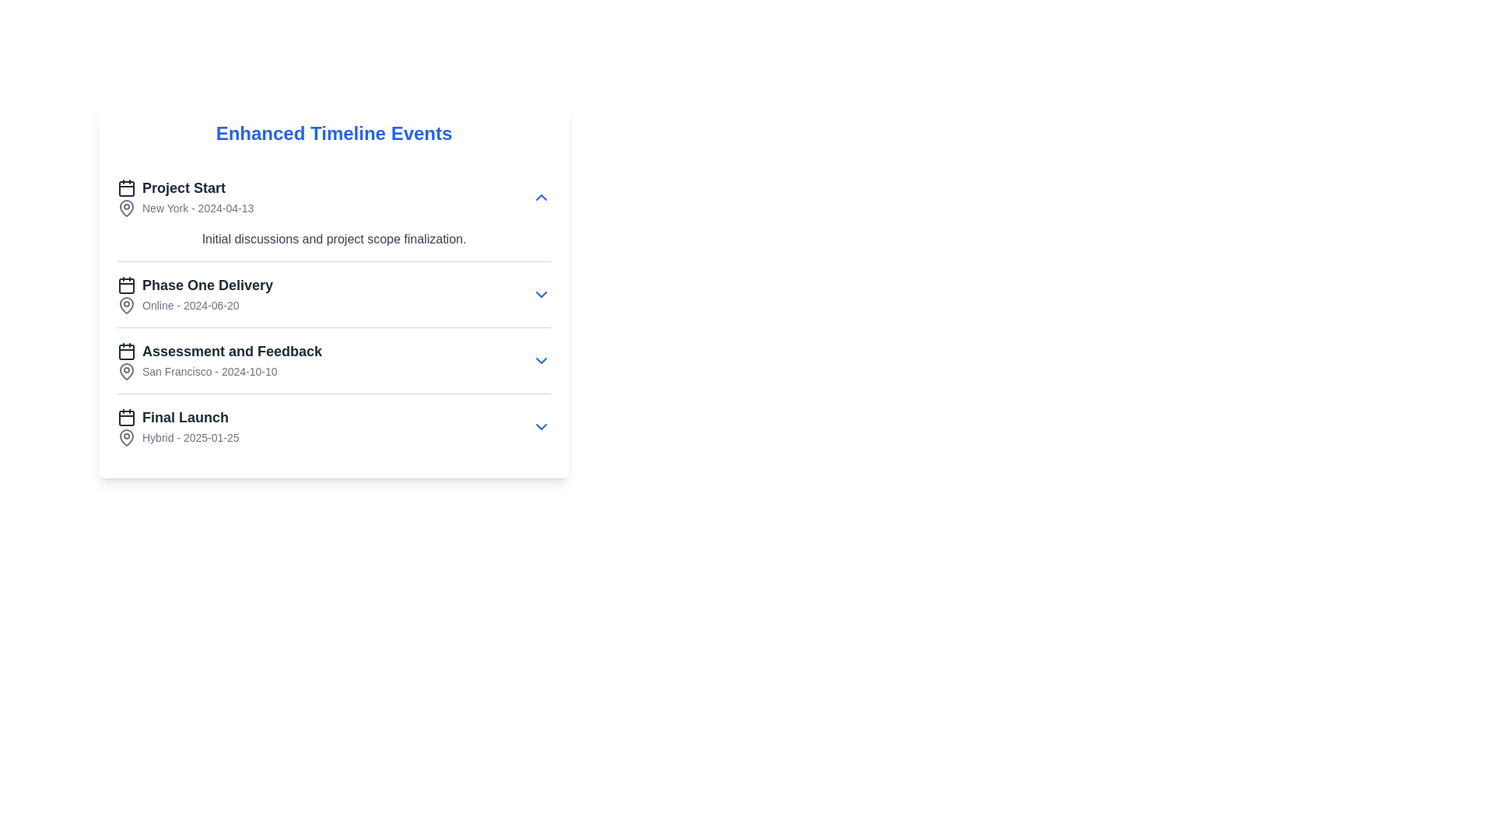 Image resolution: width=1494 pixels, height=840 pixels. What do you see at coordinates (127, 206) in the screenshot?
I see `the Map Pin icon located next to the text 'Phase One Delivery - Online - 2024-06-20' in the timeline interface` at bounding box center [127, 206].